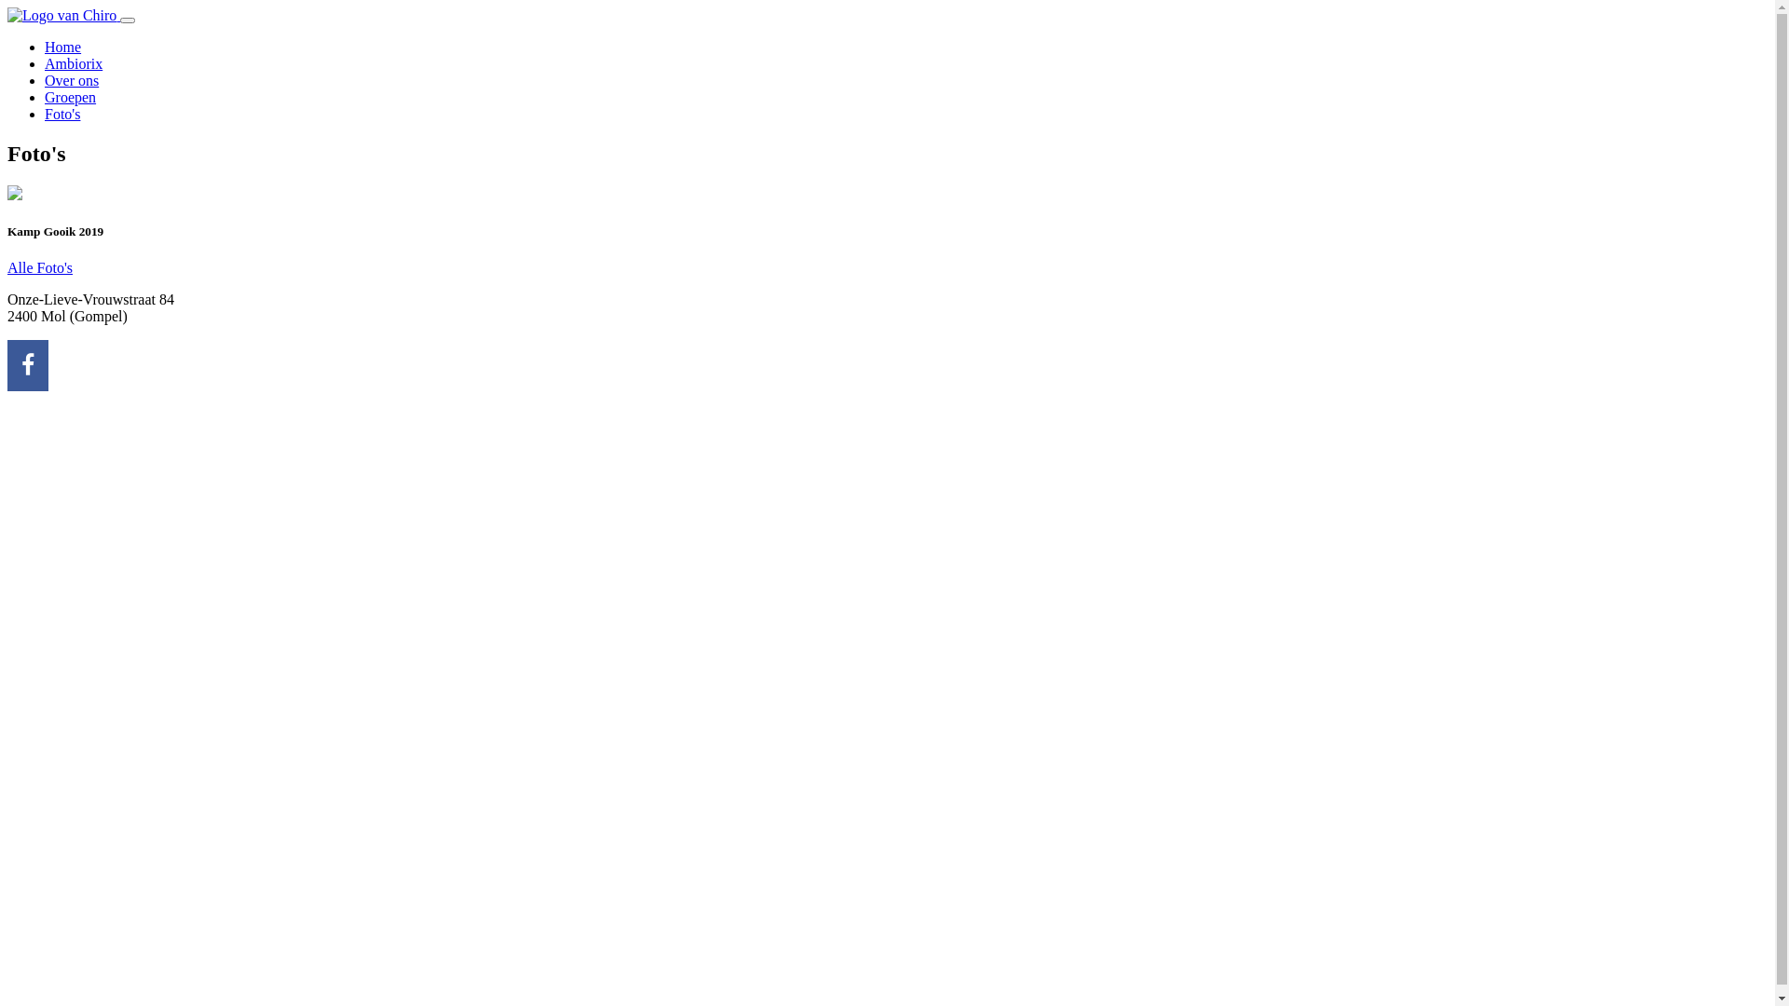  What do you see at coordinates (62, 114) in the screenshot?
I see `'Foto's` at bounding box center [62, 114].